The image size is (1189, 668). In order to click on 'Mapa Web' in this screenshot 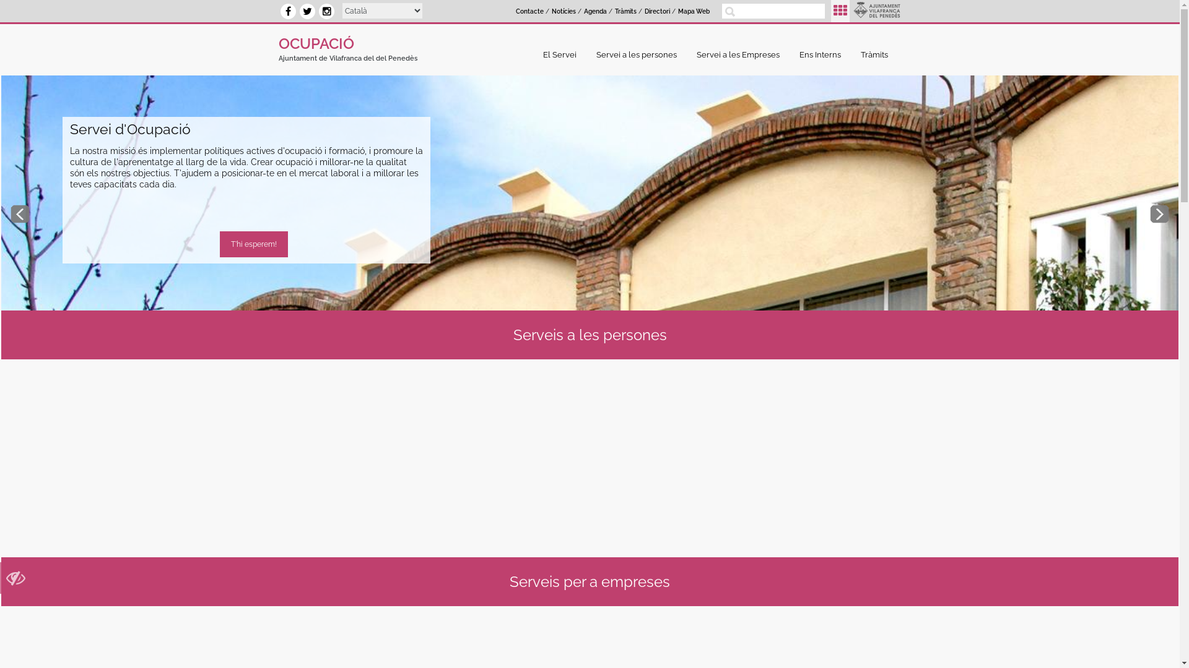, I will do `click(694, 12)`.